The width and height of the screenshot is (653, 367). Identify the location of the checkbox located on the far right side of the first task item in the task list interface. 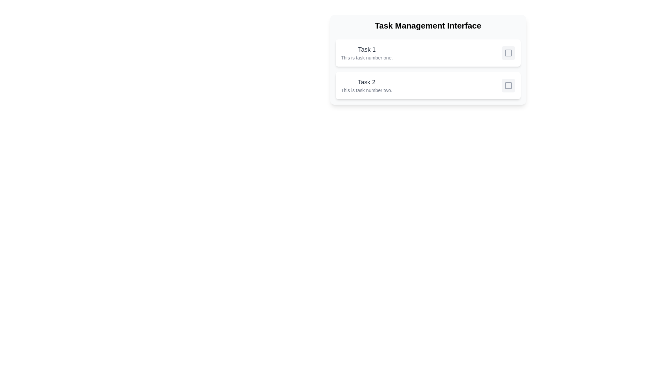
(508, 52).